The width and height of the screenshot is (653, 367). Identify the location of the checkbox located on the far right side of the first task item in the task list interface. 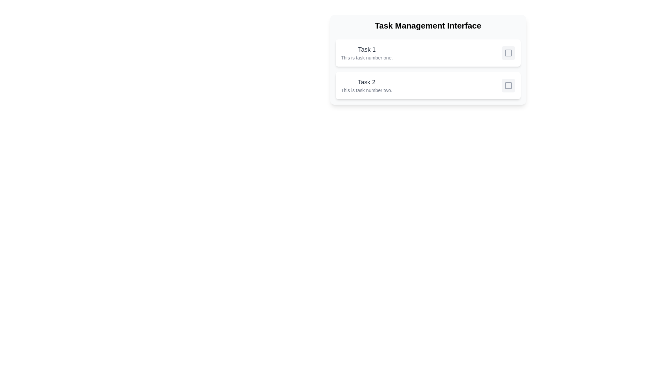
(508, 52).